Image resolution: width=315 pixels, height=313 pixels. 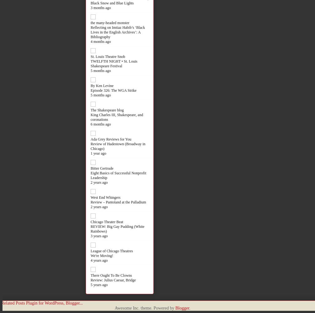 I want to click on 'King Charles III, Shakespeare, and coronations', so click(x=91, y=116).